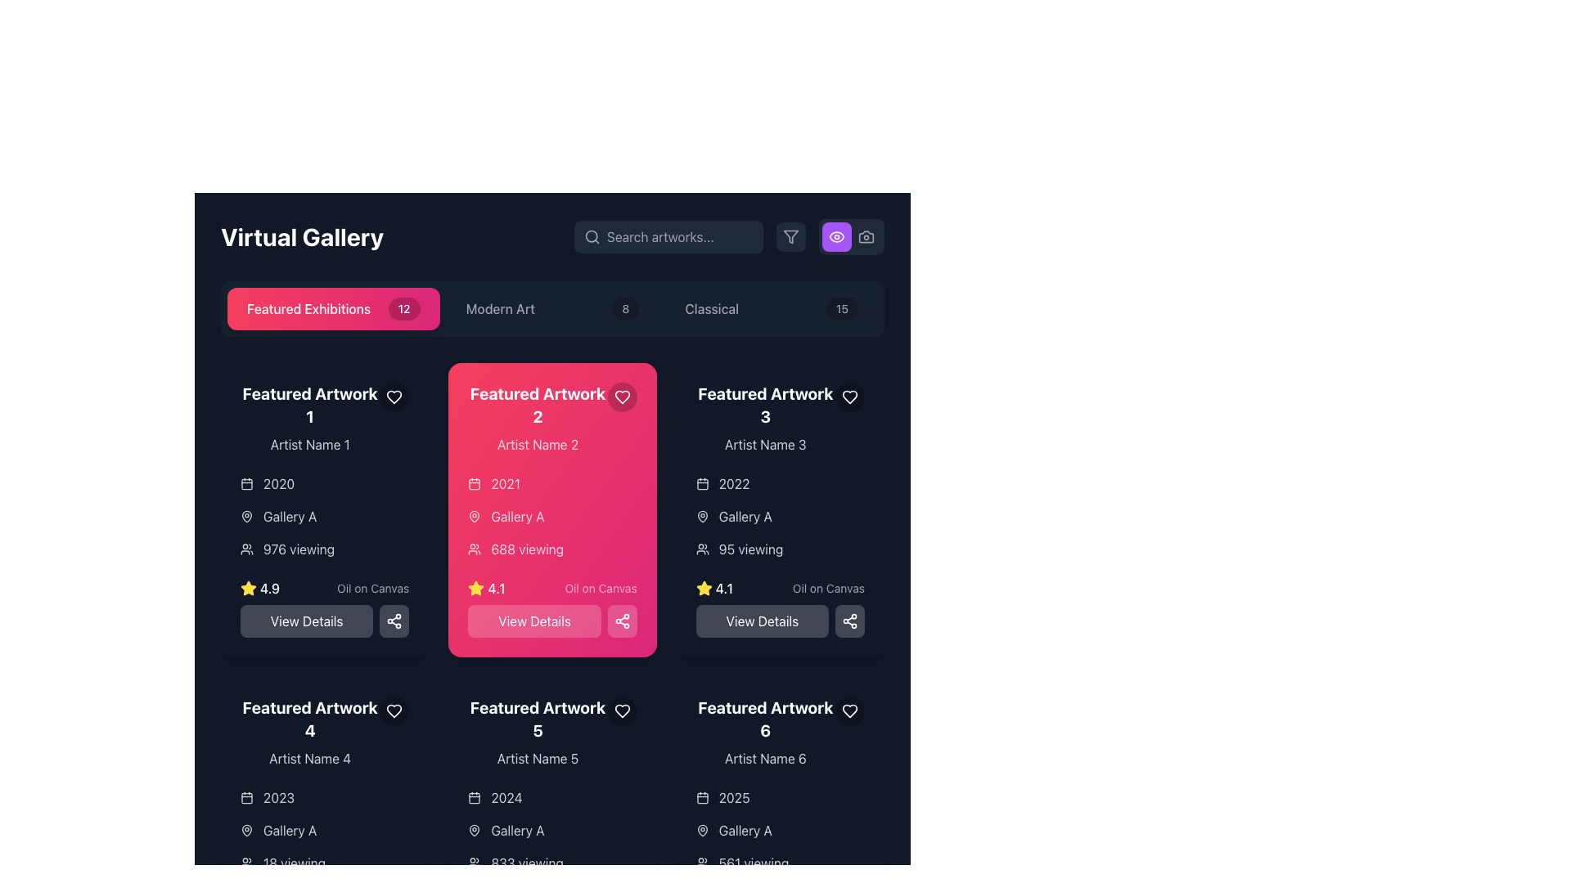 Image resolution: width=1571 pixels, height=883 pixels. What do you see at coordinates (790, 236) in the screenshot?
I see `the filter button located in the top-right corner of the interface, adjacent to the camera icon and the search bar` at bounding box center [790, 236].